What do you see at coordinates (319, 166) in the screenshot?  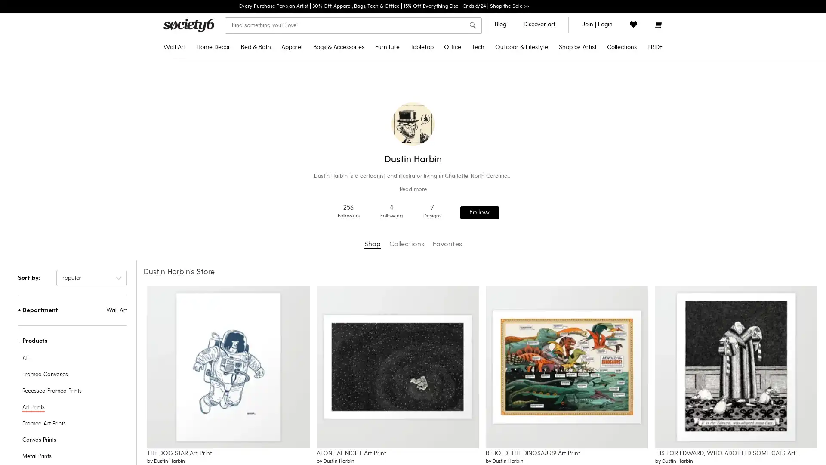 I see `Leggings` at bounding box center [319, 166].